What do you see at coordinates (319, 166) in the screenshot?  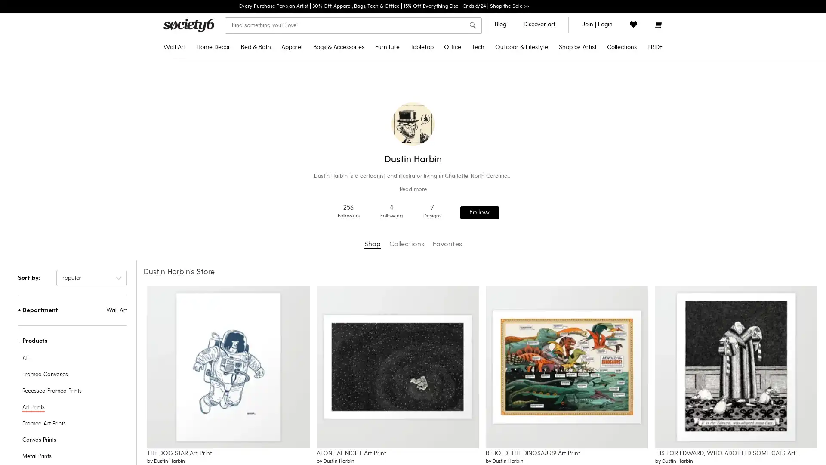 I see `Leggings` at bounding box center [319, 166].